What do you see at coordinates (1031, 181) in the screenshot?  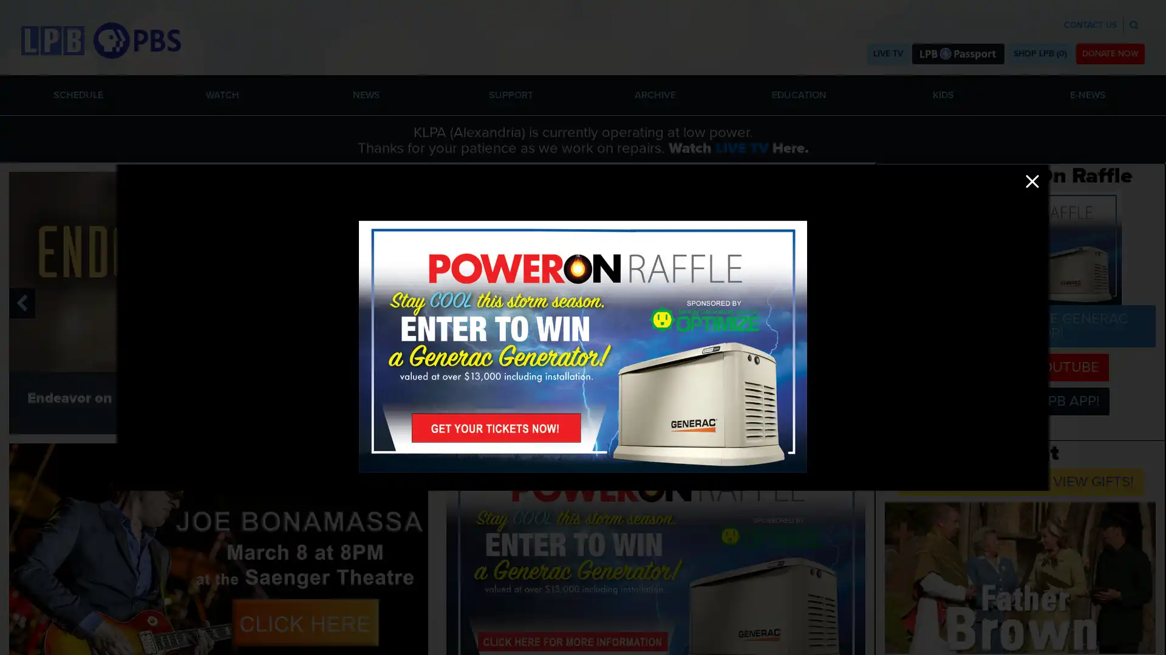 I see `Close` at bounding box center [1031, 181].